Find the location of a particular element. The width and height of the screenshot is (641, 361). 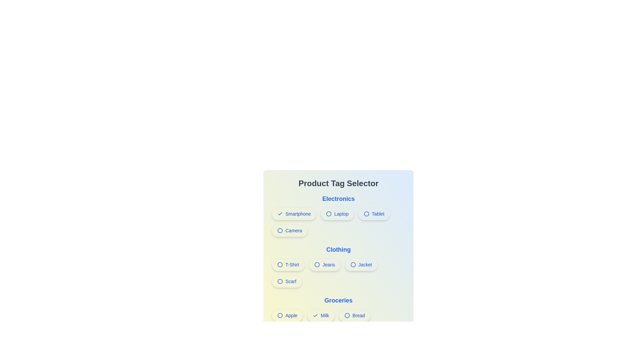

the checkmark icon indicating the selected state for the 'Milk' button located in the 'Groceries' section of the interface is located at coordinates (315, 316).